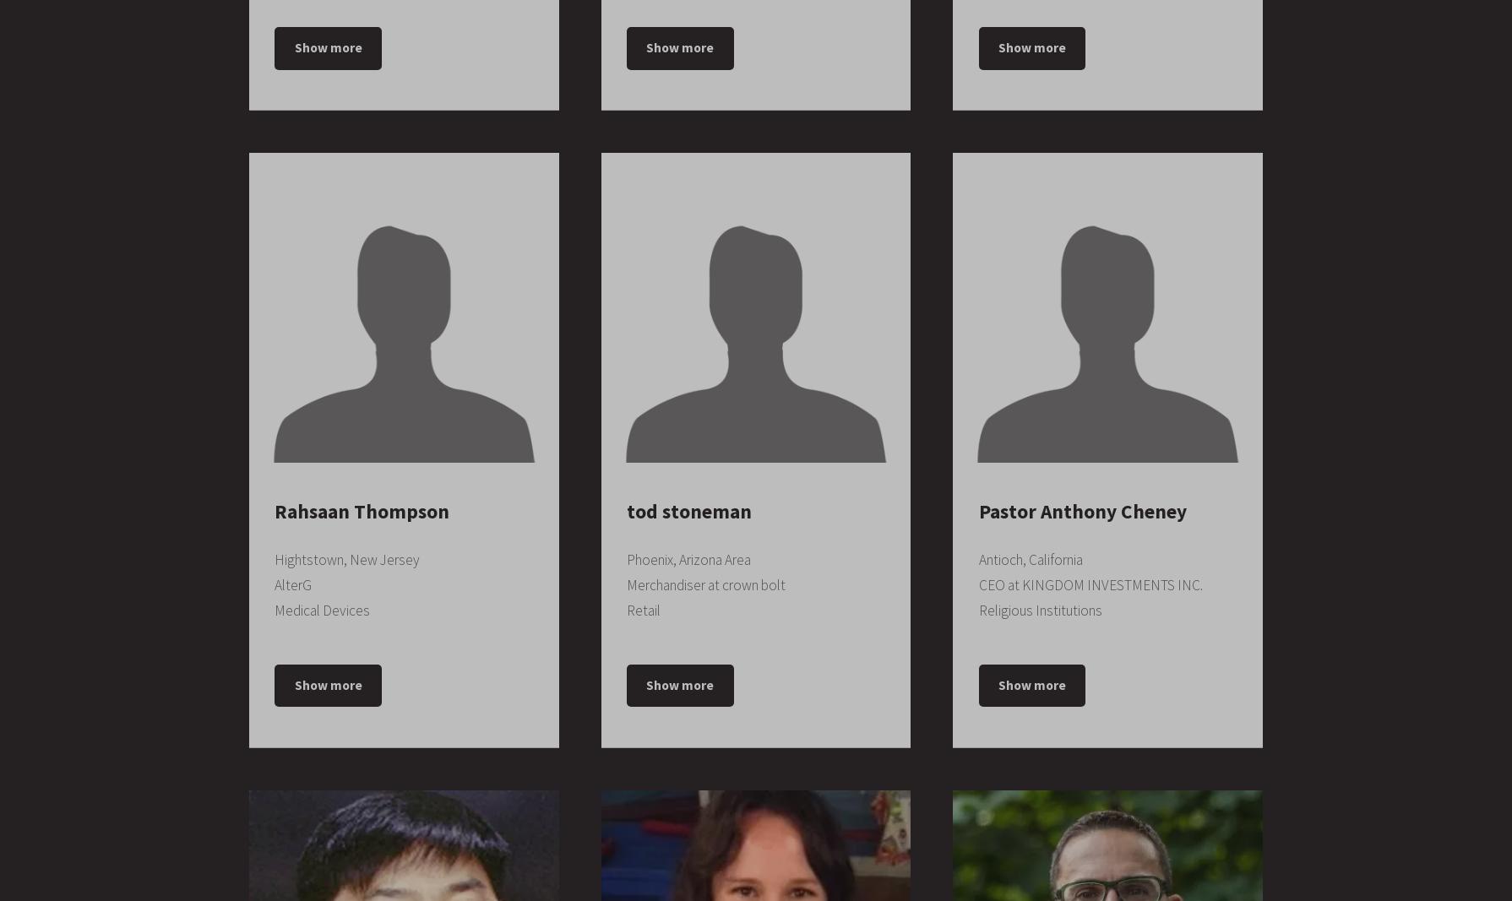 Image resolution: width=1512 pixels, height=901 pixels. I want to click on 'Popular Financial Holdings', so click(705, 460).